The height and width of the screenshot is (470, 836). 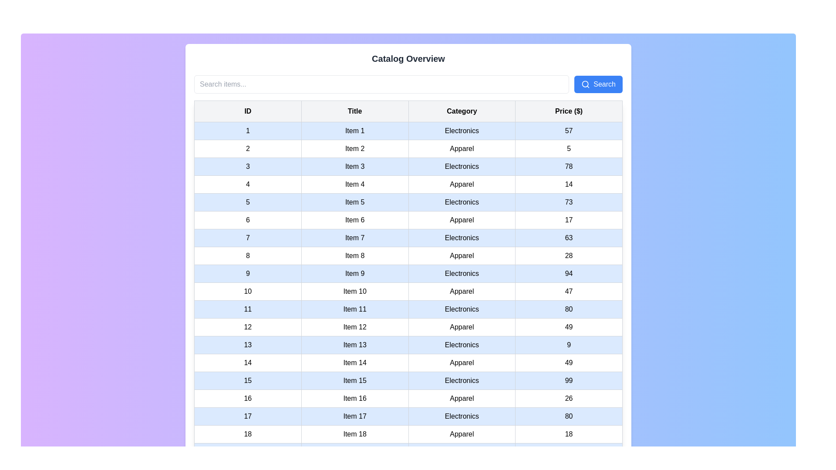 What do you see at coordinates (355, 380) in the screenshot?
I see `the non-interactive Text cell displaying the title information for the 15th item in the table, located in the 15th row under the 'Title' column` at bounding box center [355, 380].